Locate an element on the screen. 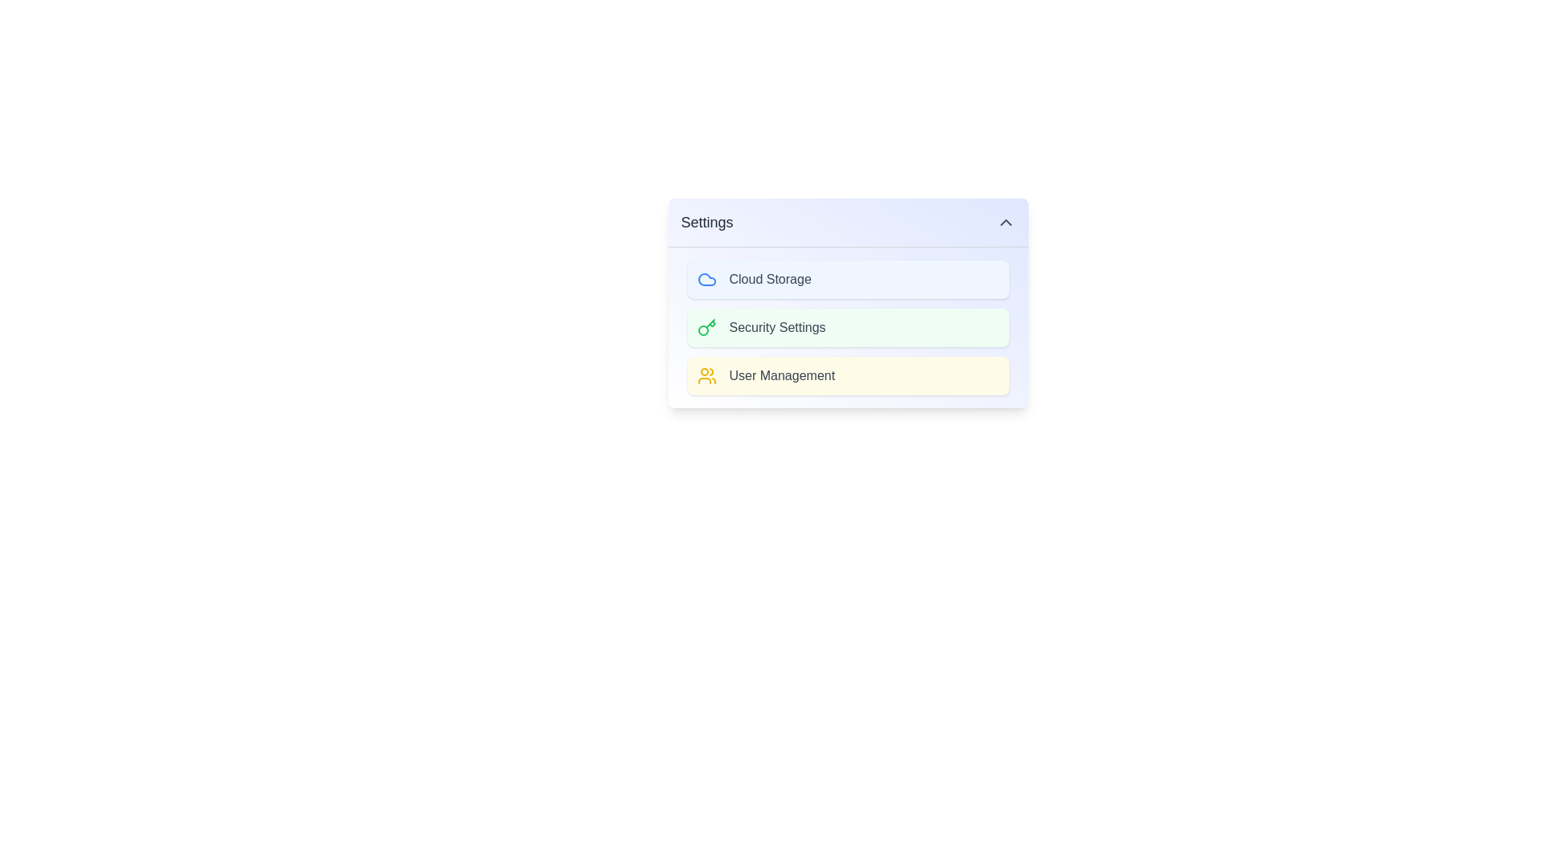 The width and height of the screenshot is (1543, 868). the visual representation of the green arrow-shaped line segment of the key icon located on the left side of the 'Security Settings' option in the Settings panel is located at coordinates (709, 323).